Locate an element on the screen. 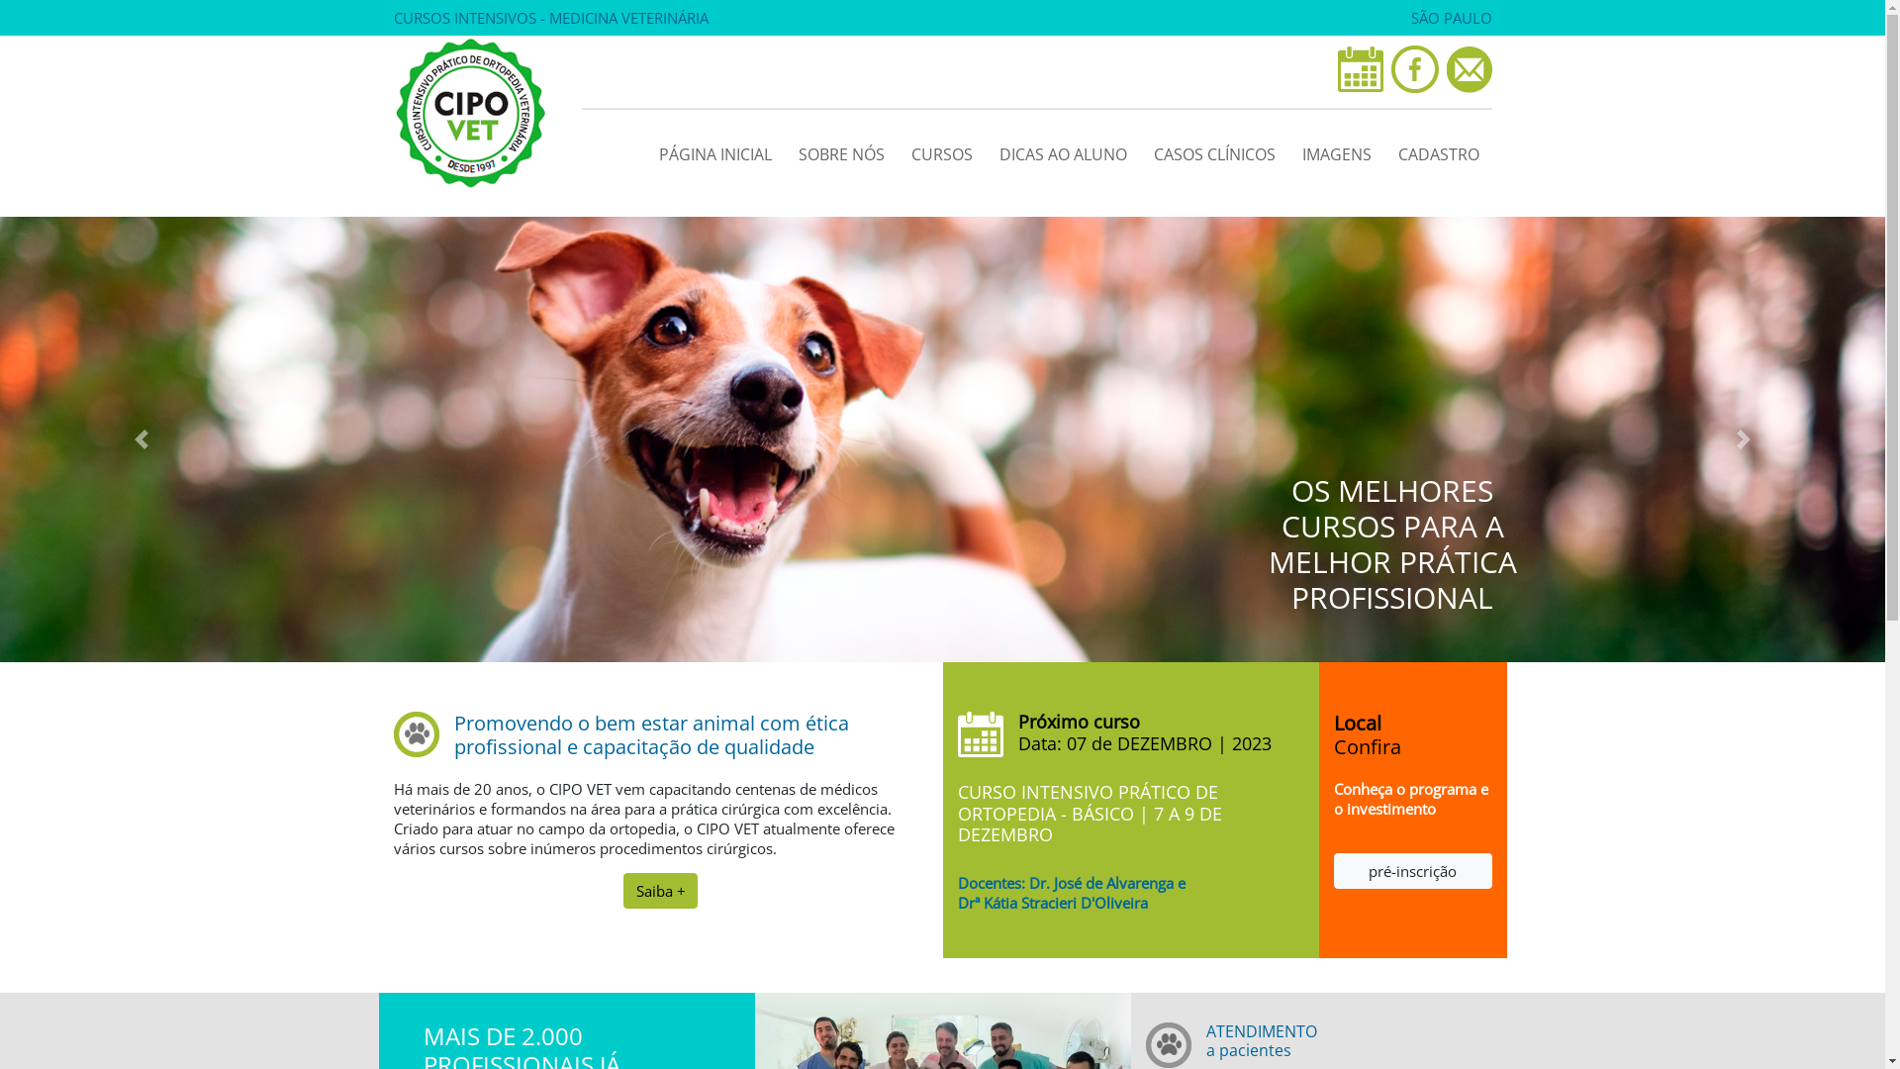  'Agenda' is located at coordinates (1359, 67).